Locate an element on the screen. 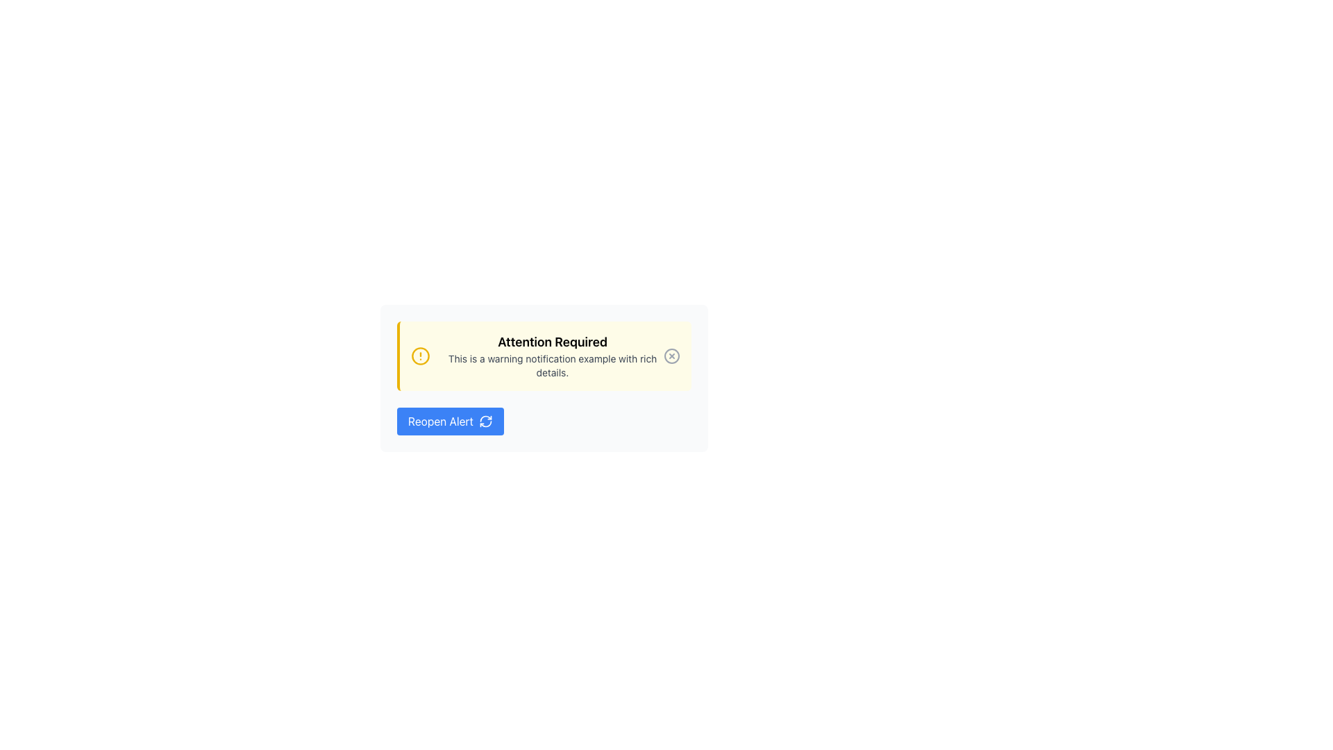 The width and height of the screenshot is (1333, 750). the dismissal button located on the far right side of the notification, aligned with the 'Attention Required' text is located at coordinates (672, 356).